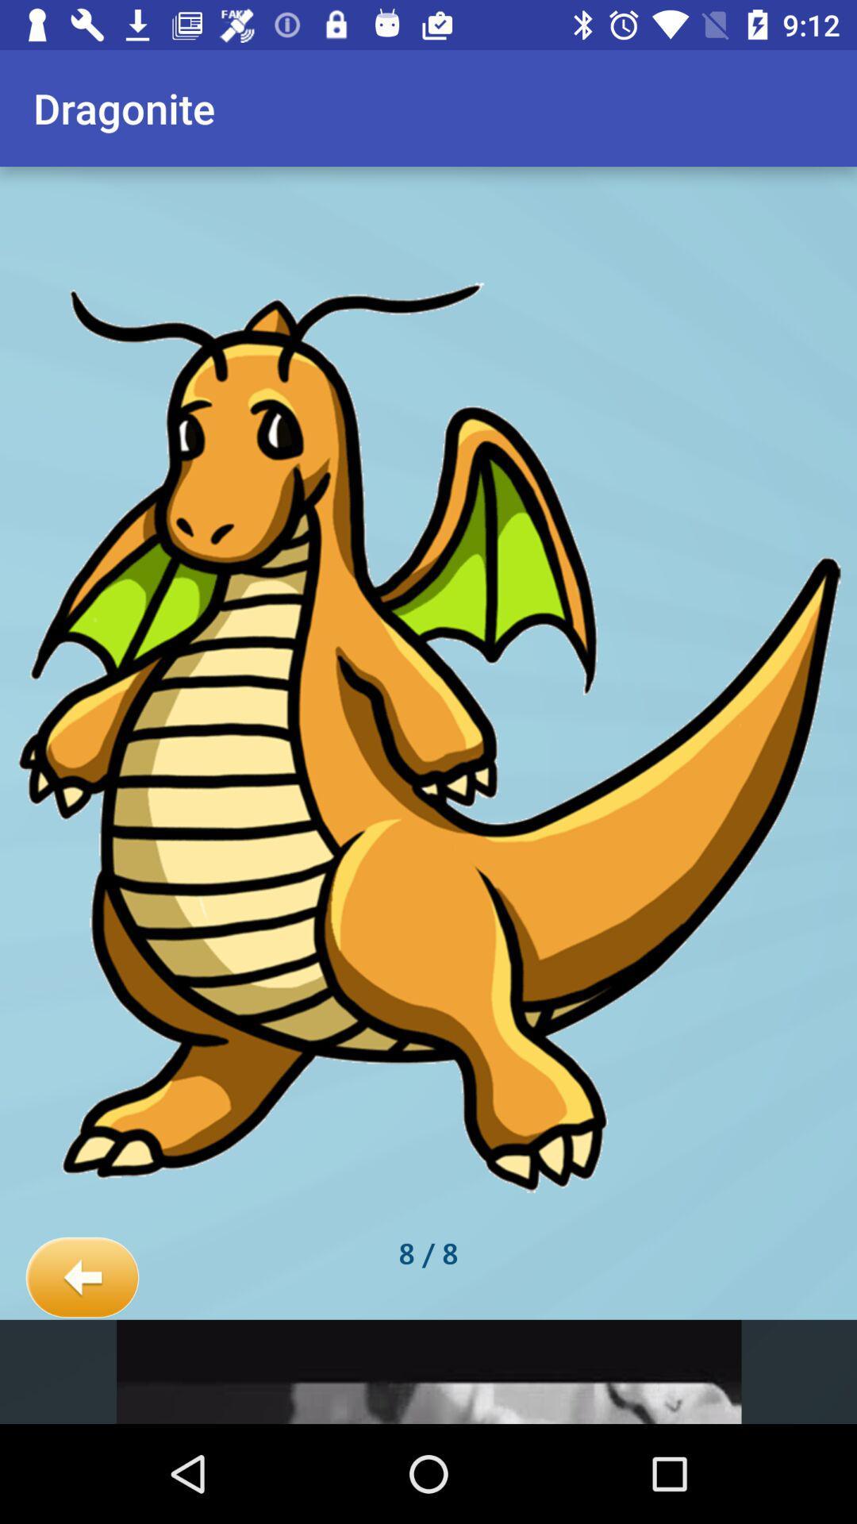 The image size is (857, 1524). What do you see at coordinates (82, 1278) in the screenshot?
I see `the icon below dragonite app` at bounding box center [82, 1278].